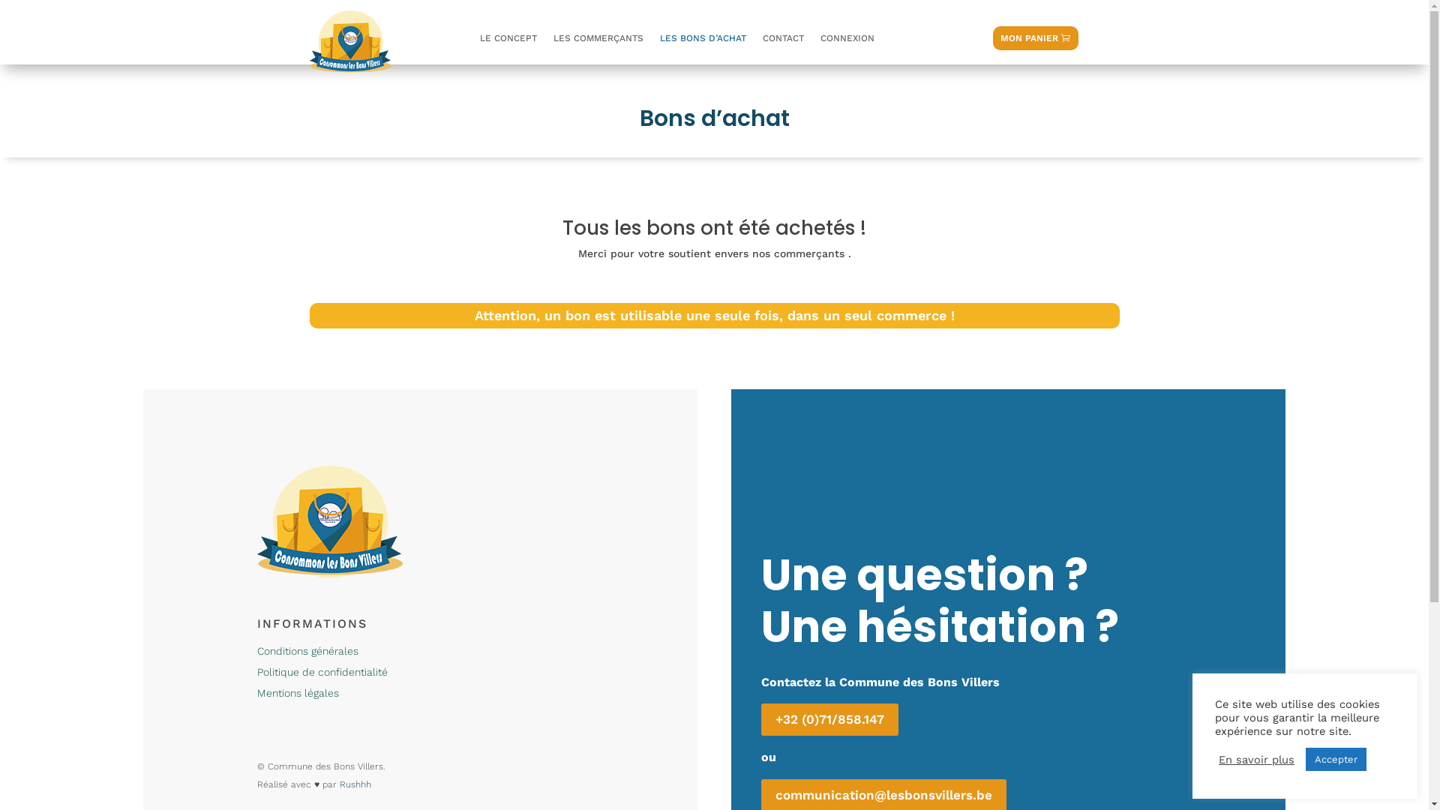 Image resolution: width=1440 pixels, height=810 pixels. What do you see at coordinates (829, 718) in the screenshot?
I see `'+32 (0)71/858.147'` at bounding box center [829, 718].